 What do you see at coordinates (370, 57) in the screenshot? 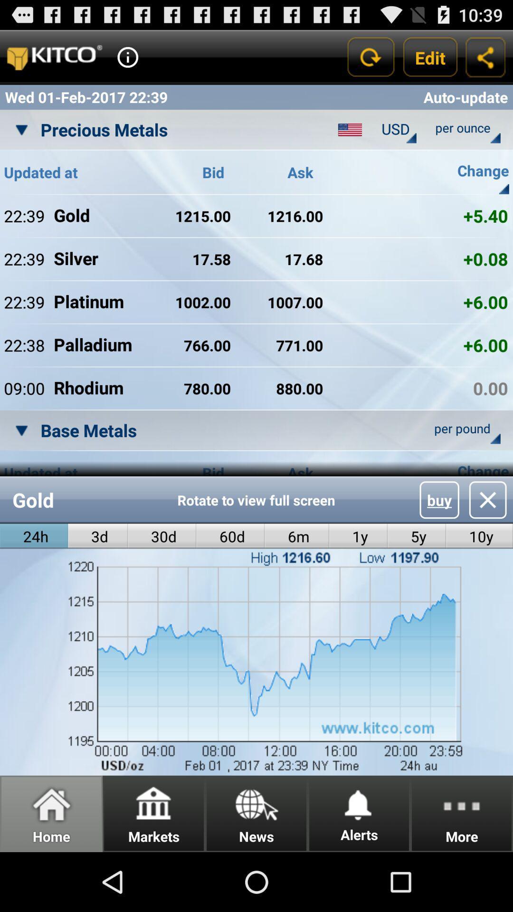
I see `refresh` at bounding box center [370, 57].